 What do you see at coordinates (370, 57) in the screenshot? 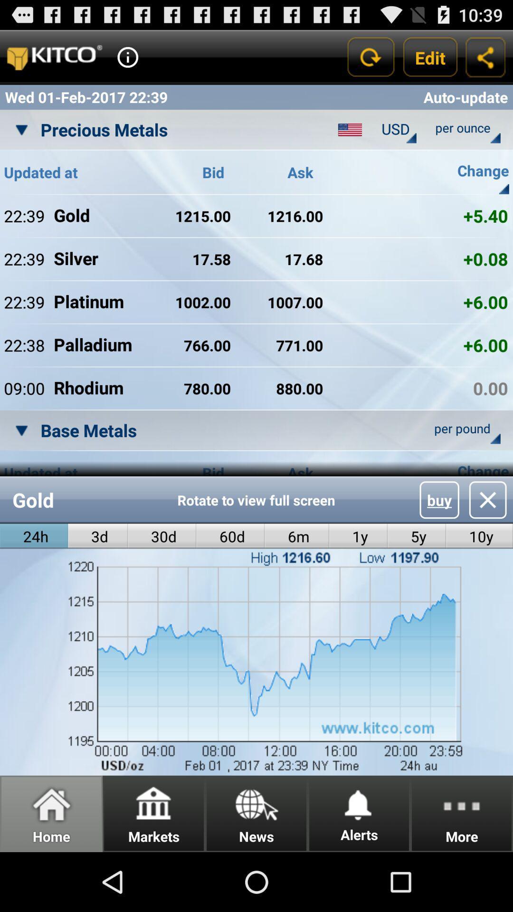
I see `refresh` at bounding box center [370, 57].